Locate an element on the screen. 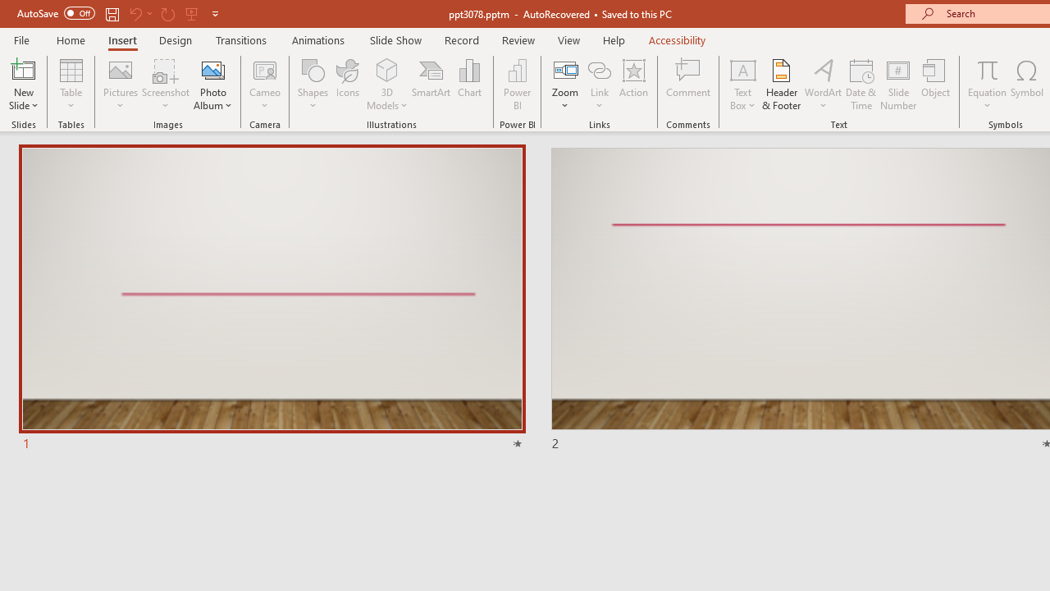 Image resolution: width=1050 pixels, height=591 pixels. 'WordArt' is located at coordinates (824, 85).